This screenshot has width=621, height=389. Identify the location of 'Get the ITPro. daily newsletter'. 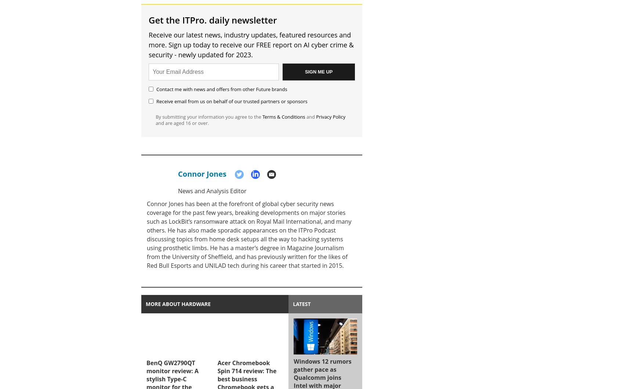
(212, 19).